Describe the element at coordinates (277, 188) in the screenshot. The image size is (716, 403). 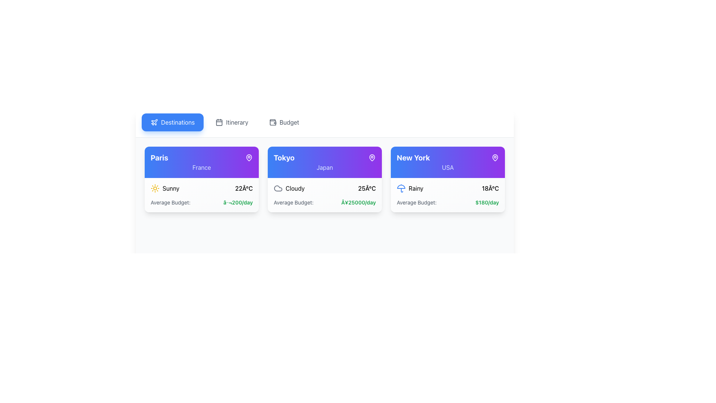
I see `the weather condition icon representing cloudy weather located in the Tokyo card, positioned to the left of the text 'Cloudy'` at that location.